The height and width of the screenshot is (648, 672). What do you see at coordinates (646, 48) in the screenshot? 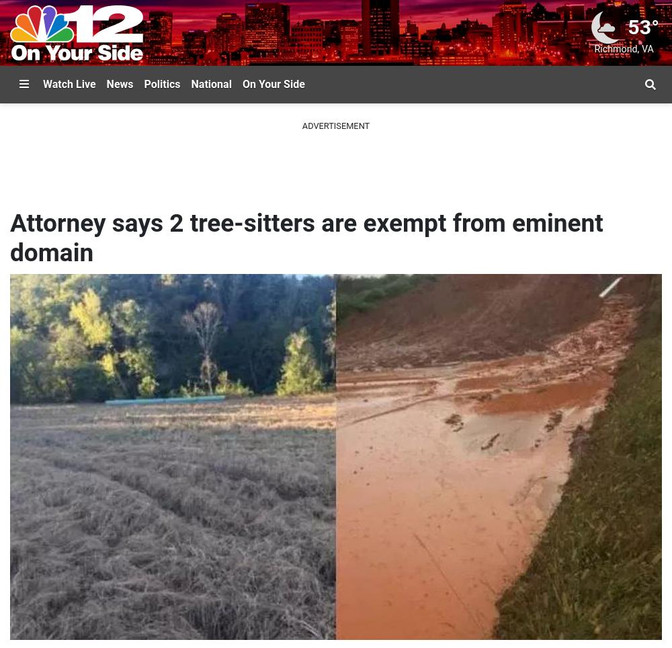
I see `'VA'` at bounding box center [646, 48].